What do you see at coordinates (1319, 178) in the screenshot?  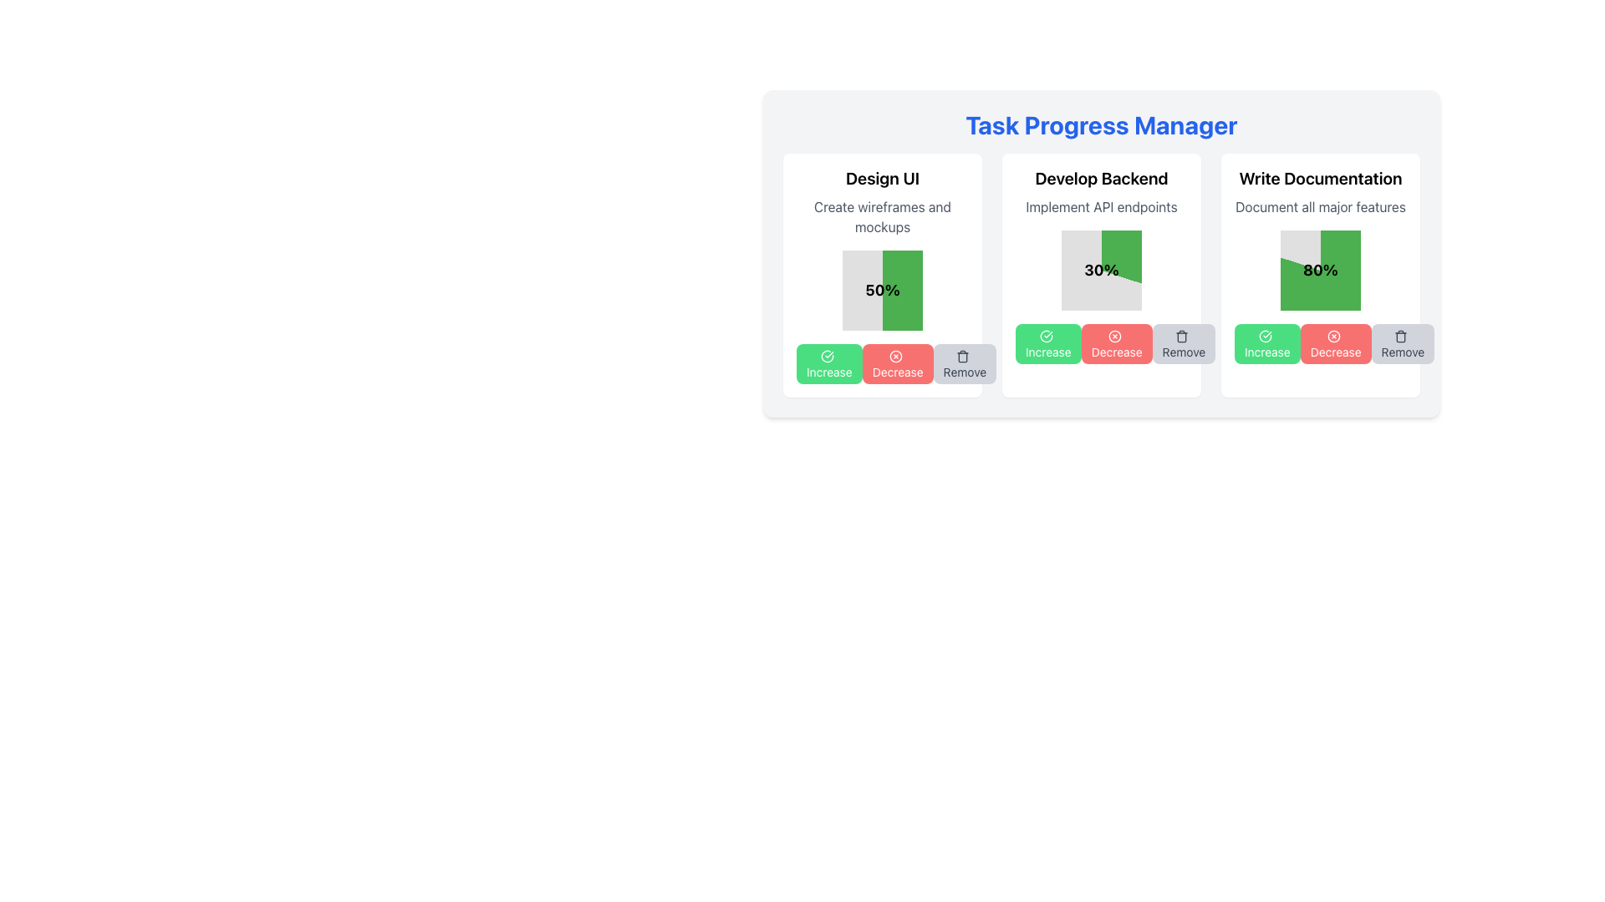 I see `the static text element displaying 'Write Documentation' located at the top of the box associated with the third task` at bounding box center [1319, 178].